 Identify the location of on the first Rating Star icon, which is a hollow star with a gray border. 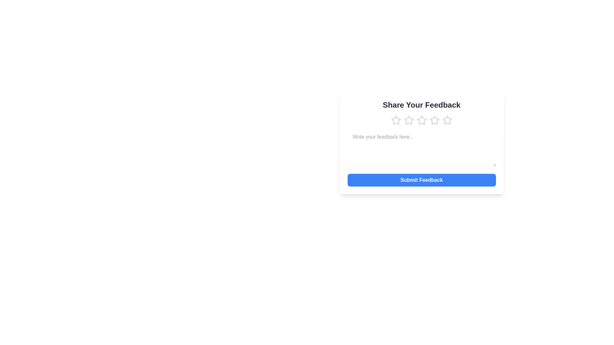
(396, 120).